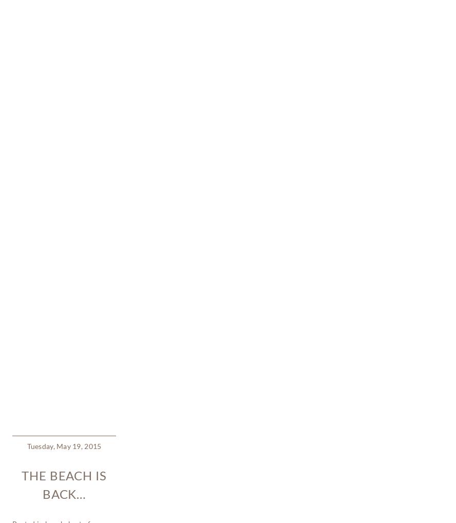 Image resolution: width=456 pixels, height=523 pixels. What do you see at coordinates (43, 225) in the screenshot?
I see `'family'` at bounding box center [43, 225].